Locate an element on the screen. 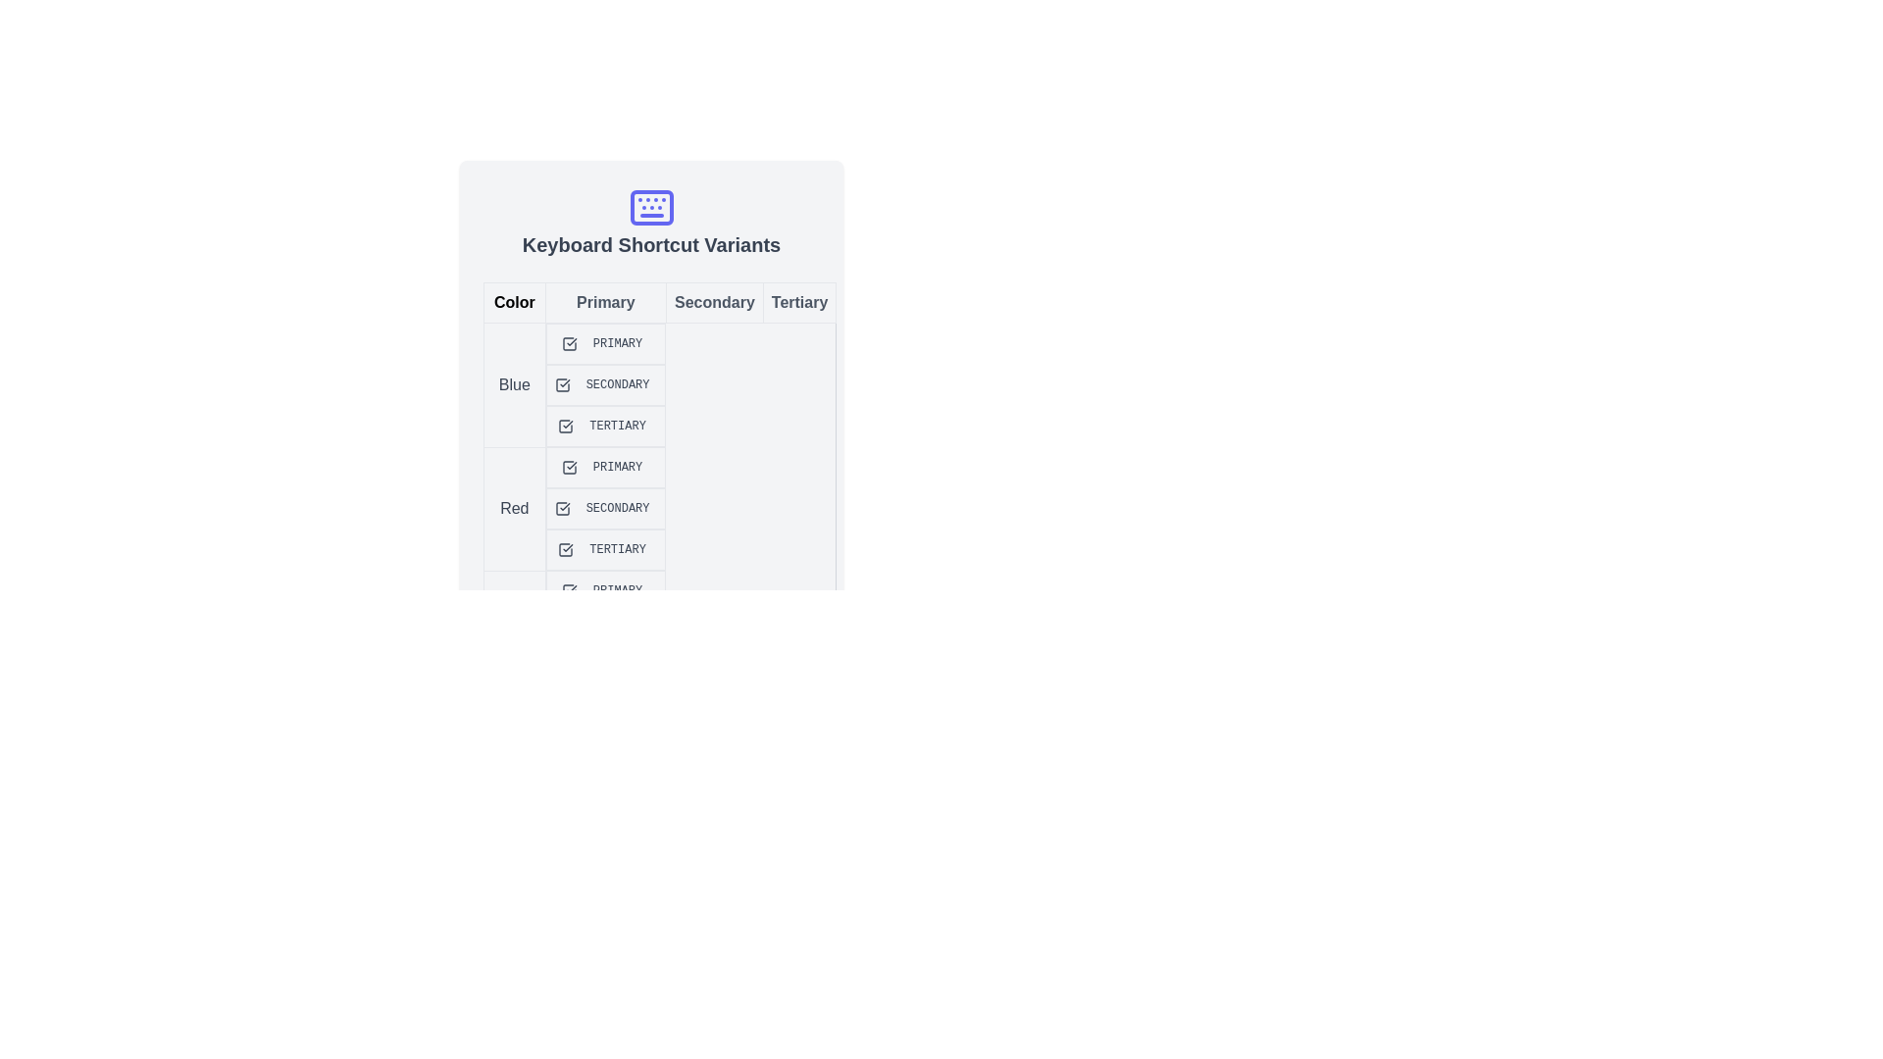  the icon associated with the 'Primary' label in the first cell of the 'Primary' column for the row labeled 'Blue' is located at coordinates (605, 343).